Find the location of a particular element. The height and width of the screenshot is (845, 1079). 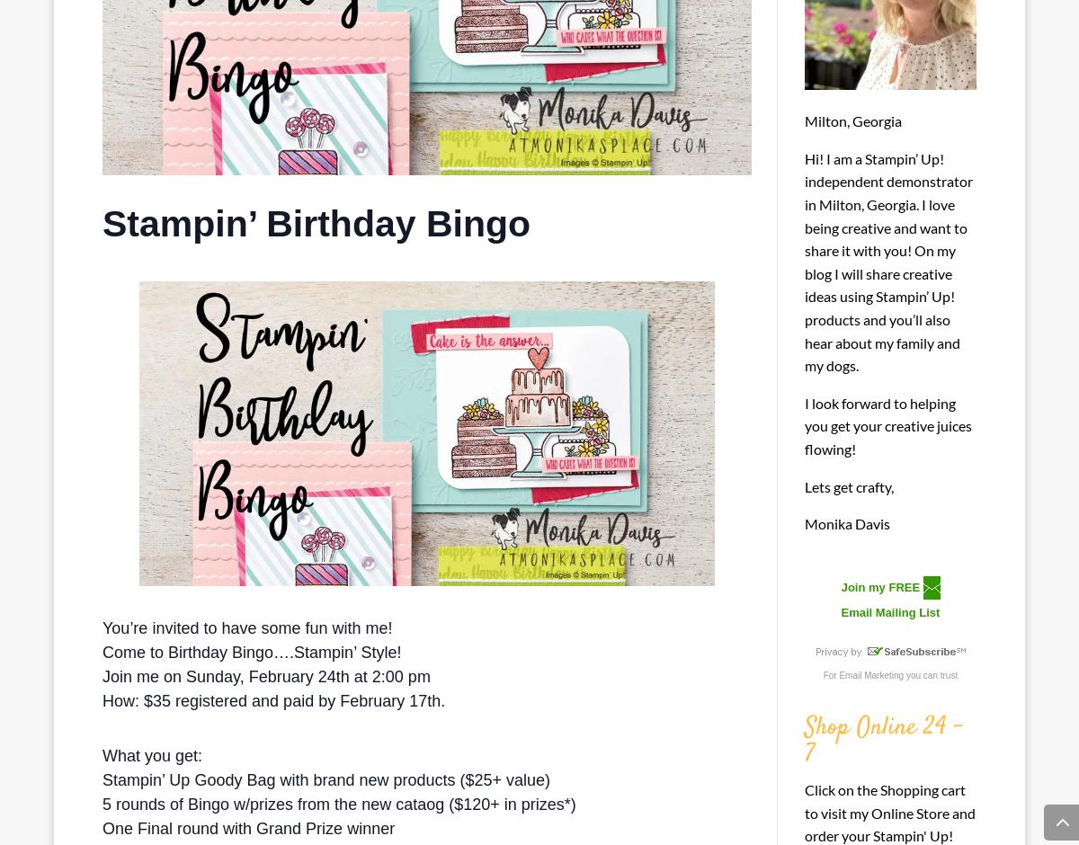

'How: $35 registered and paid by February 17th.' is located at coordinates (275, 700).